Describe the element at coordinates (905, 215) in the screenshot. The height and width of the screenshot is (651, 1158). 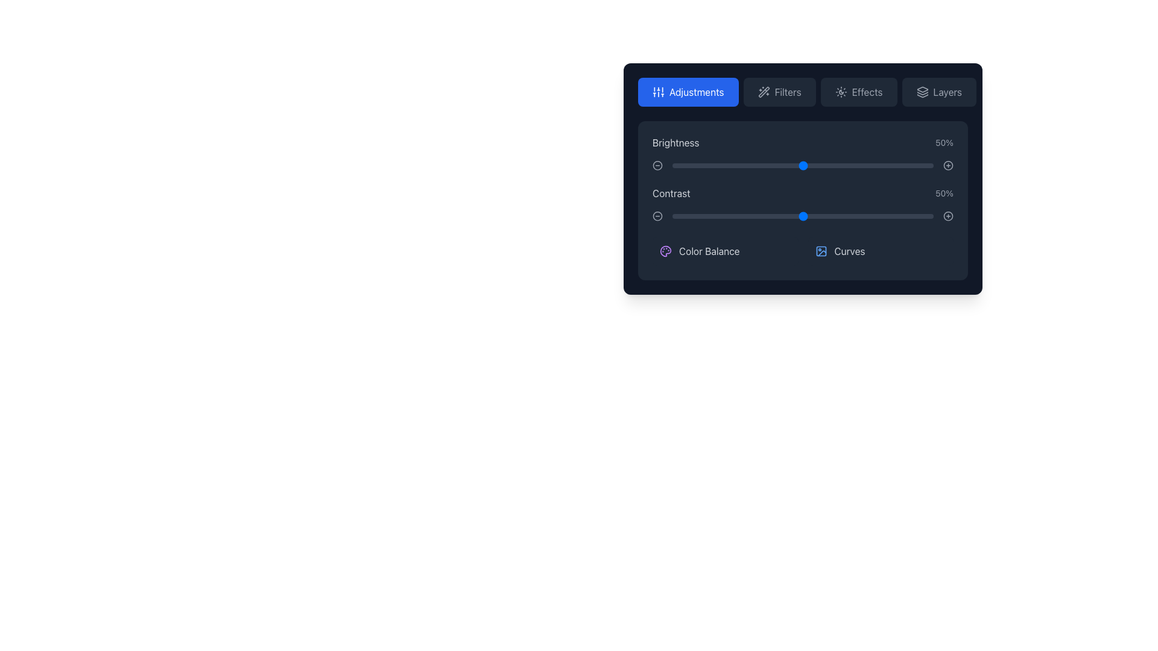
I see `contrast` at that location.